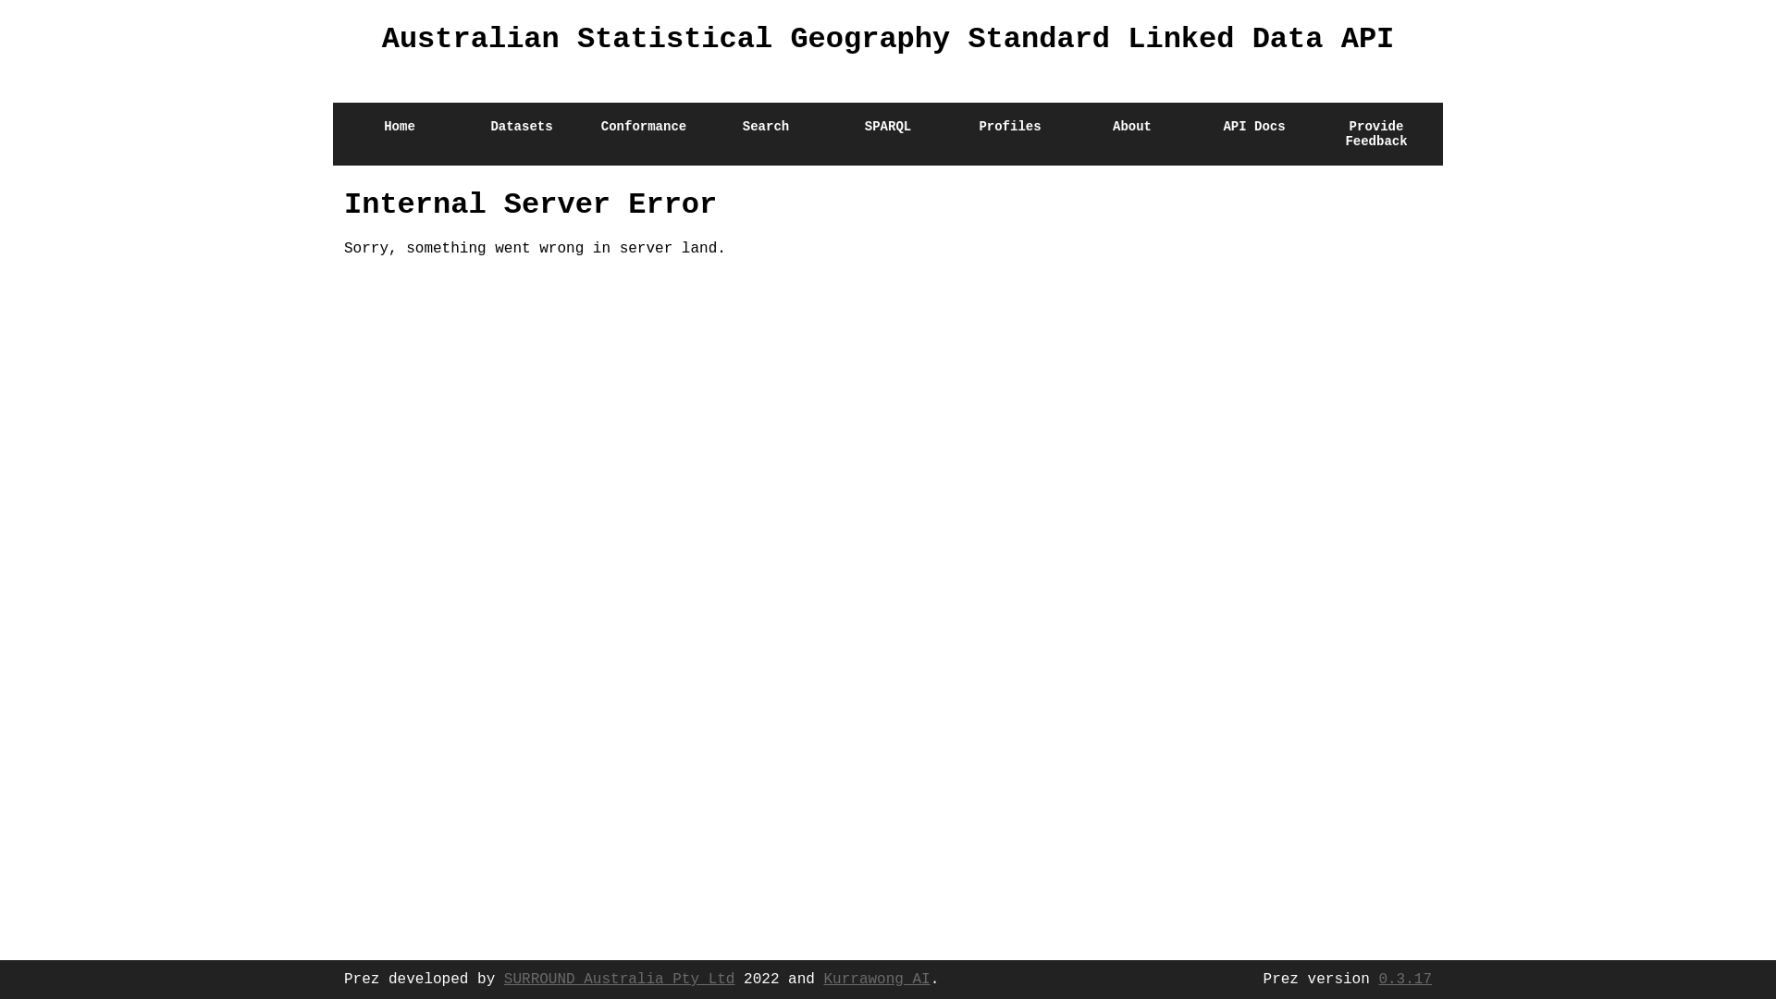  What do you see at coordinates (1131, 133) in the screenshot?
I see `'About'` at bounding box center [1131, 133].